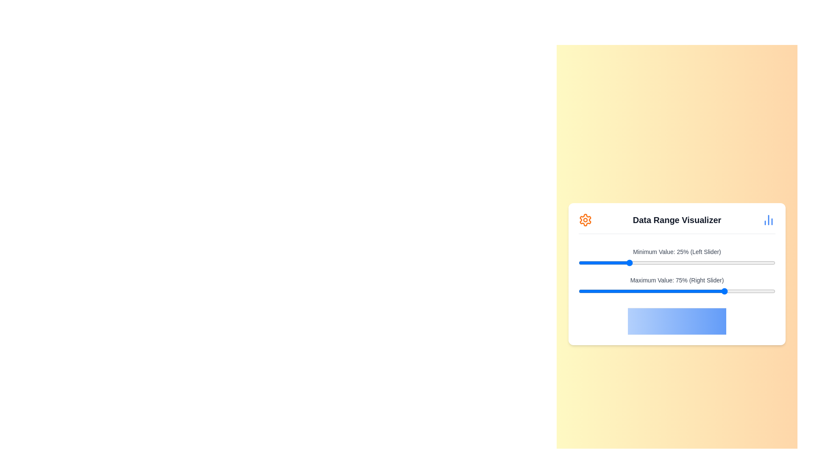  Describe the element at coordinates (659, 290) in the screenshot. I see `the slider` at that location.